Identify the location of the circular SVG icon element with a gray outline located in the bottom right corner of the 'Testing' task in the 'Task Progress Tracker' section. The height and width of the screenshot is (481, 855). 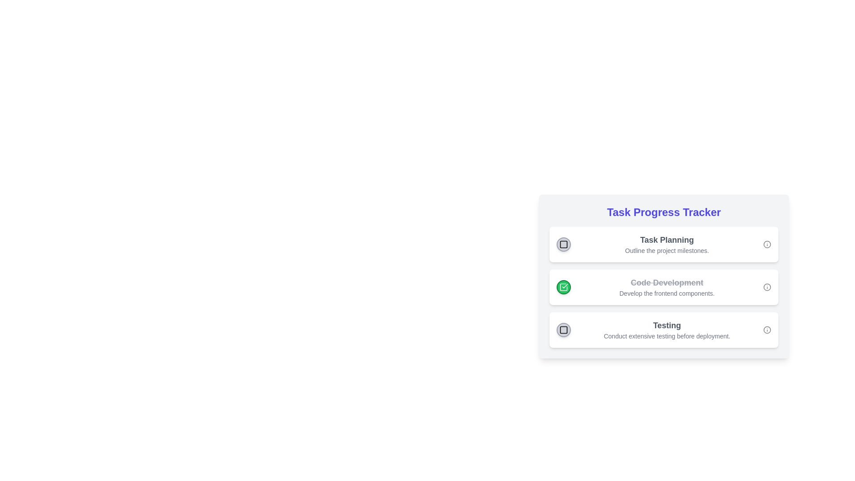
(767, 330).